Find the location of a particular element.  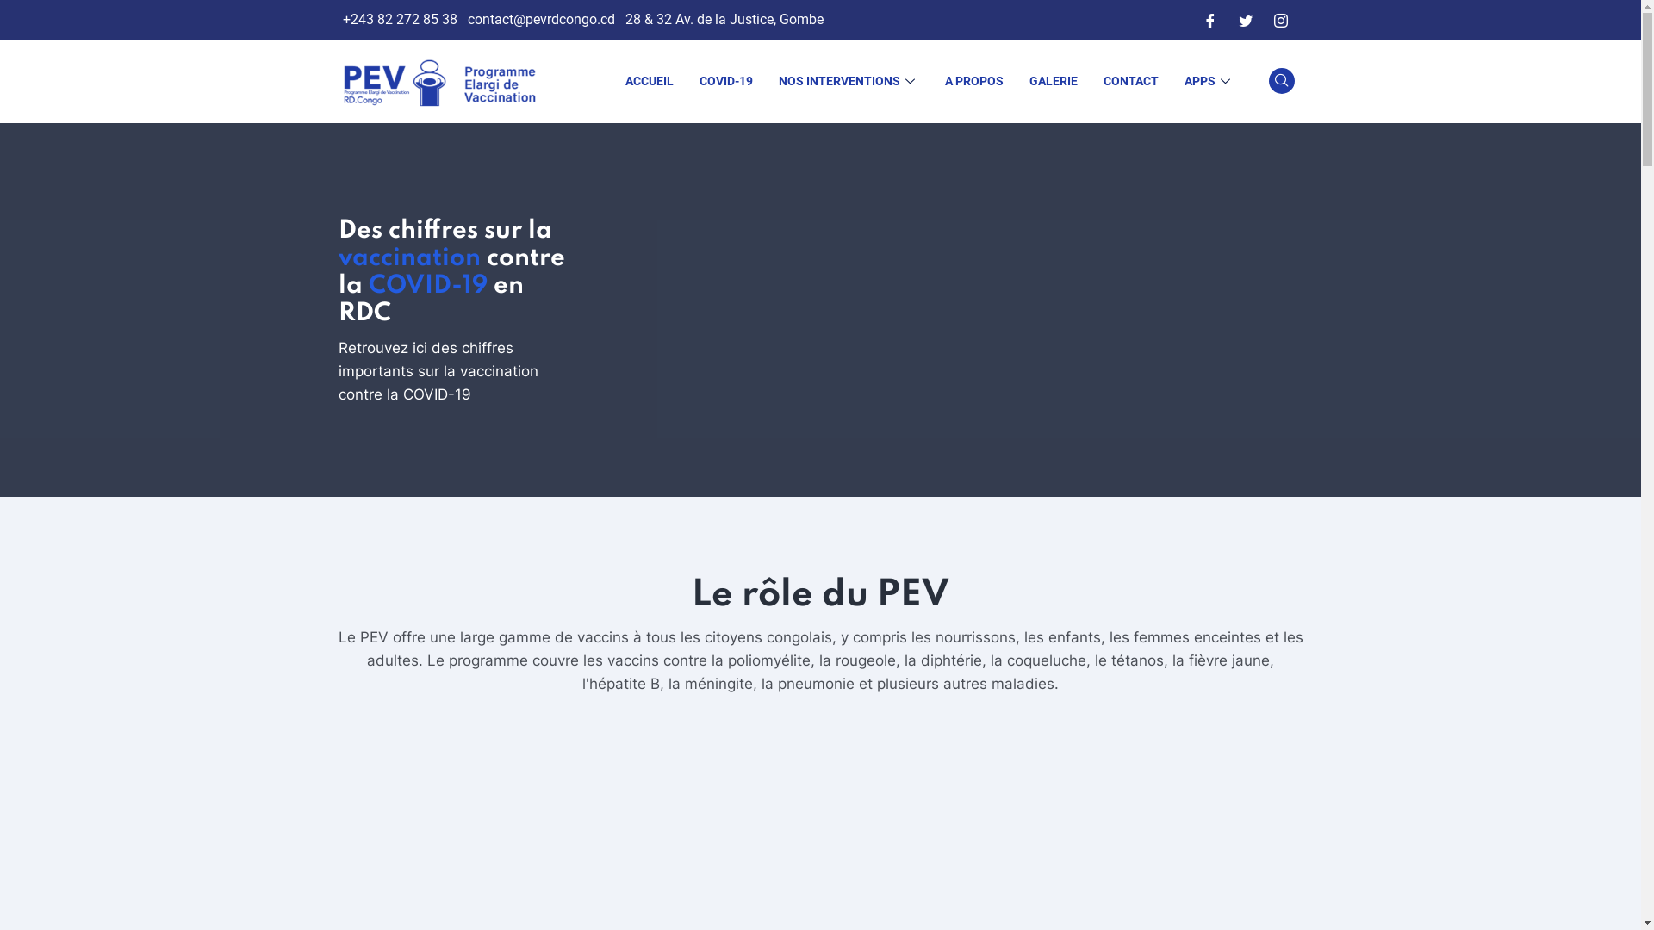

'A PROPOS' is located at coordinates (974, 80).